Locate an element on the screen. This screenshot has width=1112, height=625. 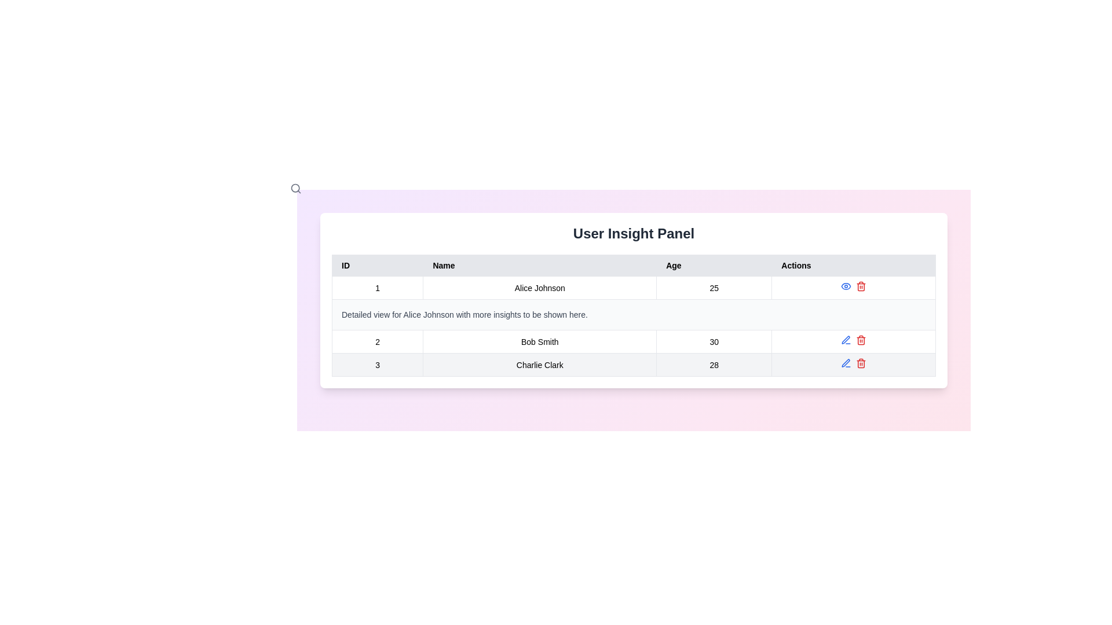
the SVG-based search icon located near the top-left corner of the interface, adjacent to the 'User Insight Panel' title is located at coordinates (295, 188).